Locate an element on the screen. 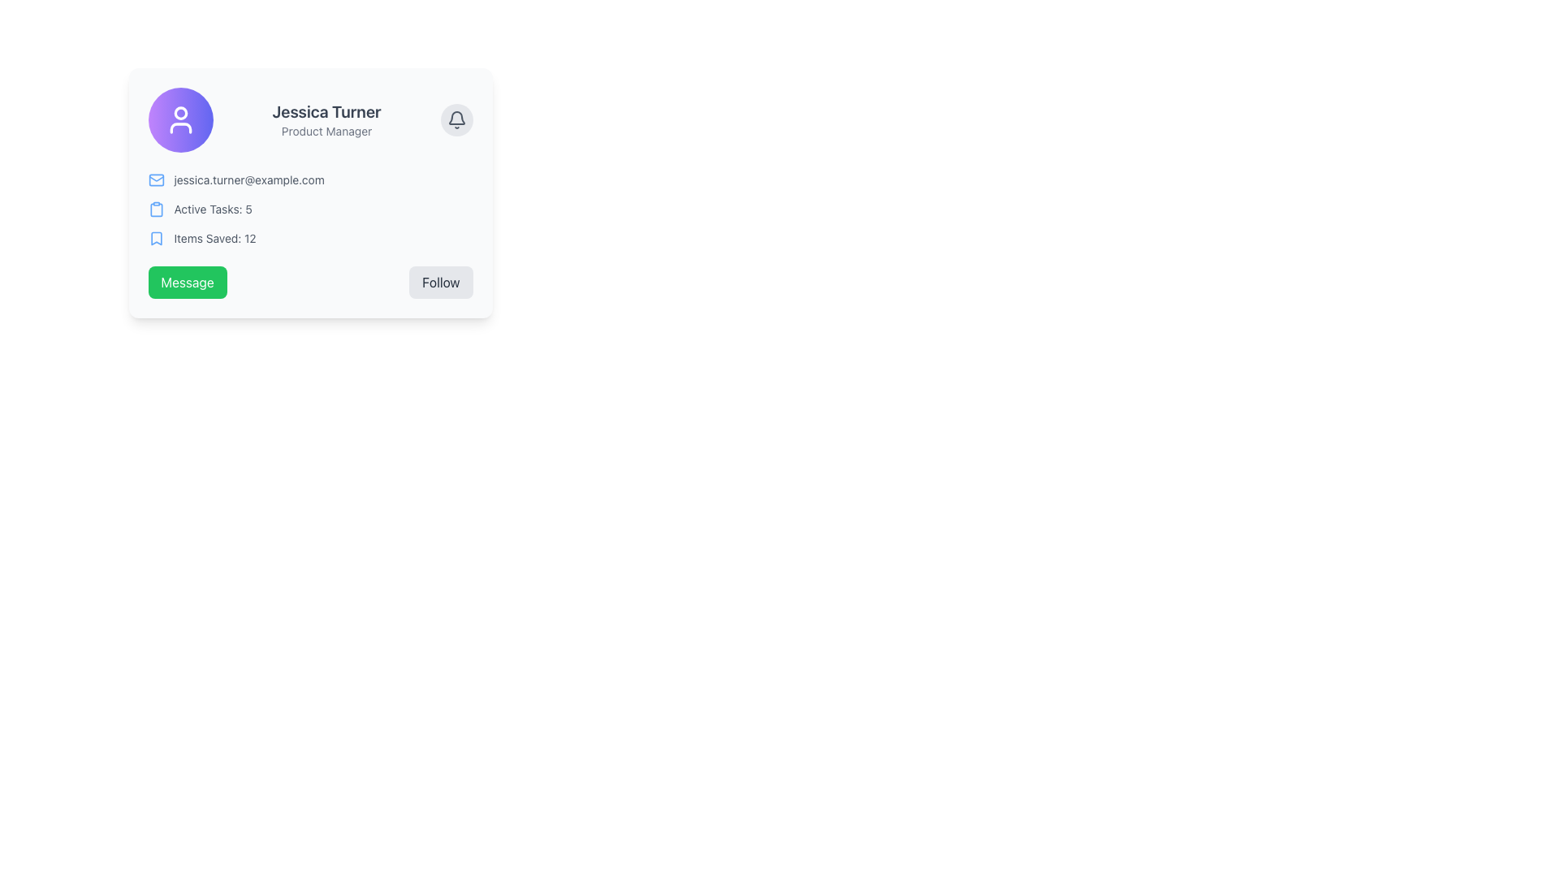 This screenshot has height=877, width=1559. the name 'Jessica Turner' in the Informational header section is located at coordinates (310, 119).